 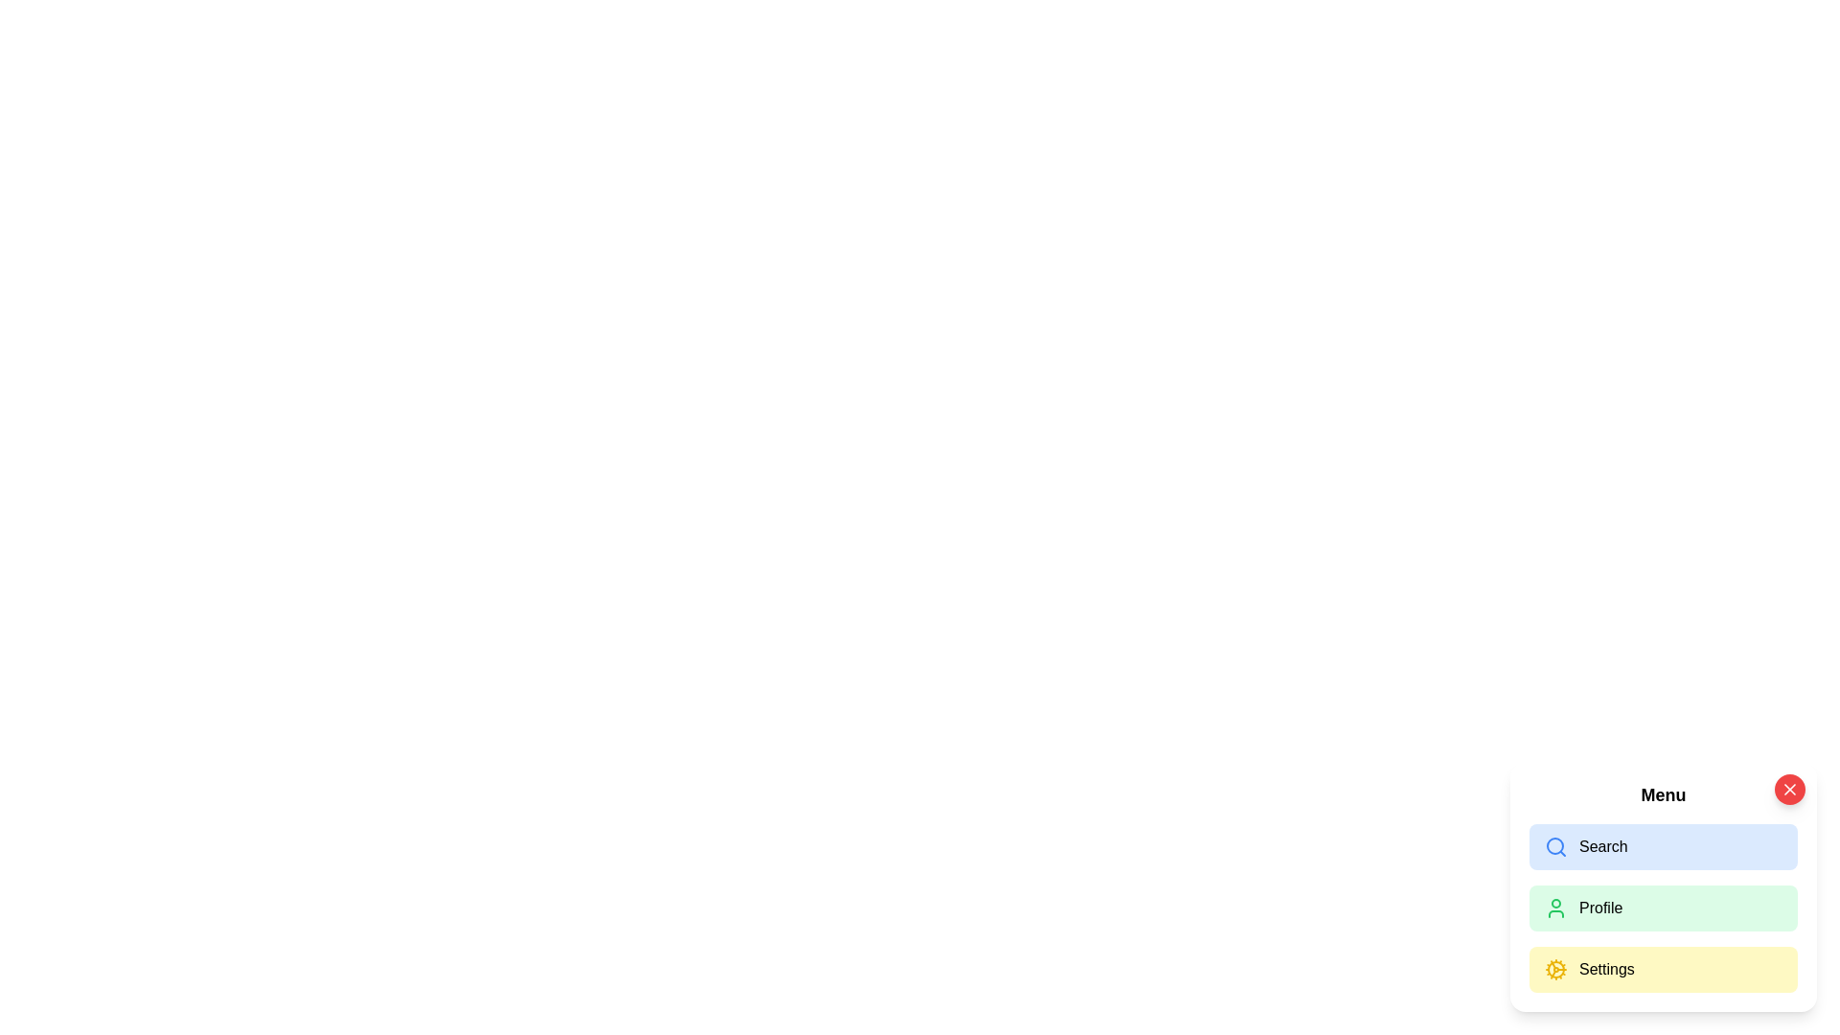 I want to click on the 'Settings' text label, which is displayed in bold on a light yellow background as the last entry in a vertical menu, so click(x=1606, y=969).